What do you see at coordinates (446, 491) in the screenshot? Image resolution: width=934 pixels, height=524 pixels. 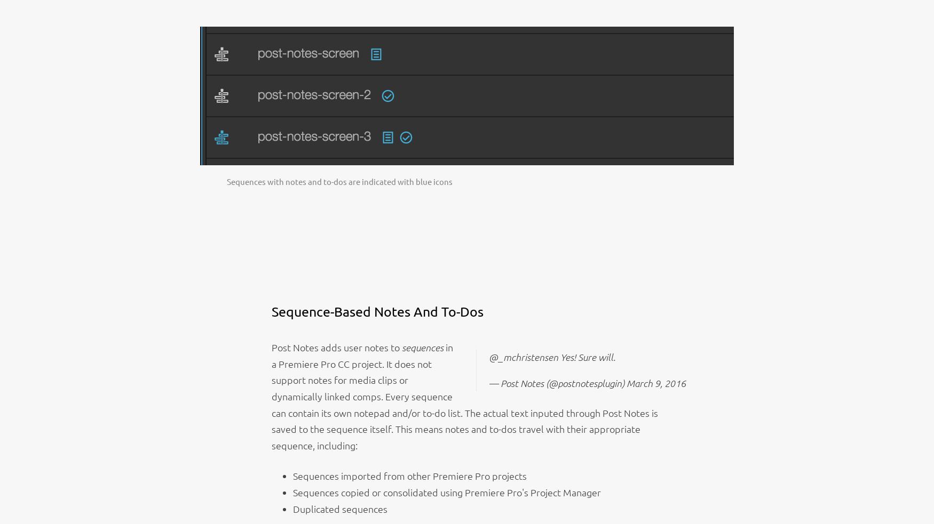 I see `'Sequences copied or consolidated using Premiere Pro's Project Manager'` at bounding box center [446, 491].